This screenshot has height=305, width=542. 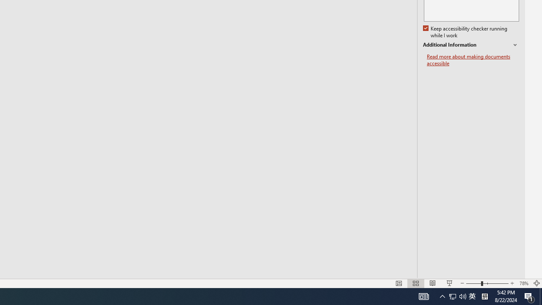 What do you see at coordinates (465, 32) in the screenshot?
I see `'Keep accessibility checker running while I work'` at bounding box center [465, 32].